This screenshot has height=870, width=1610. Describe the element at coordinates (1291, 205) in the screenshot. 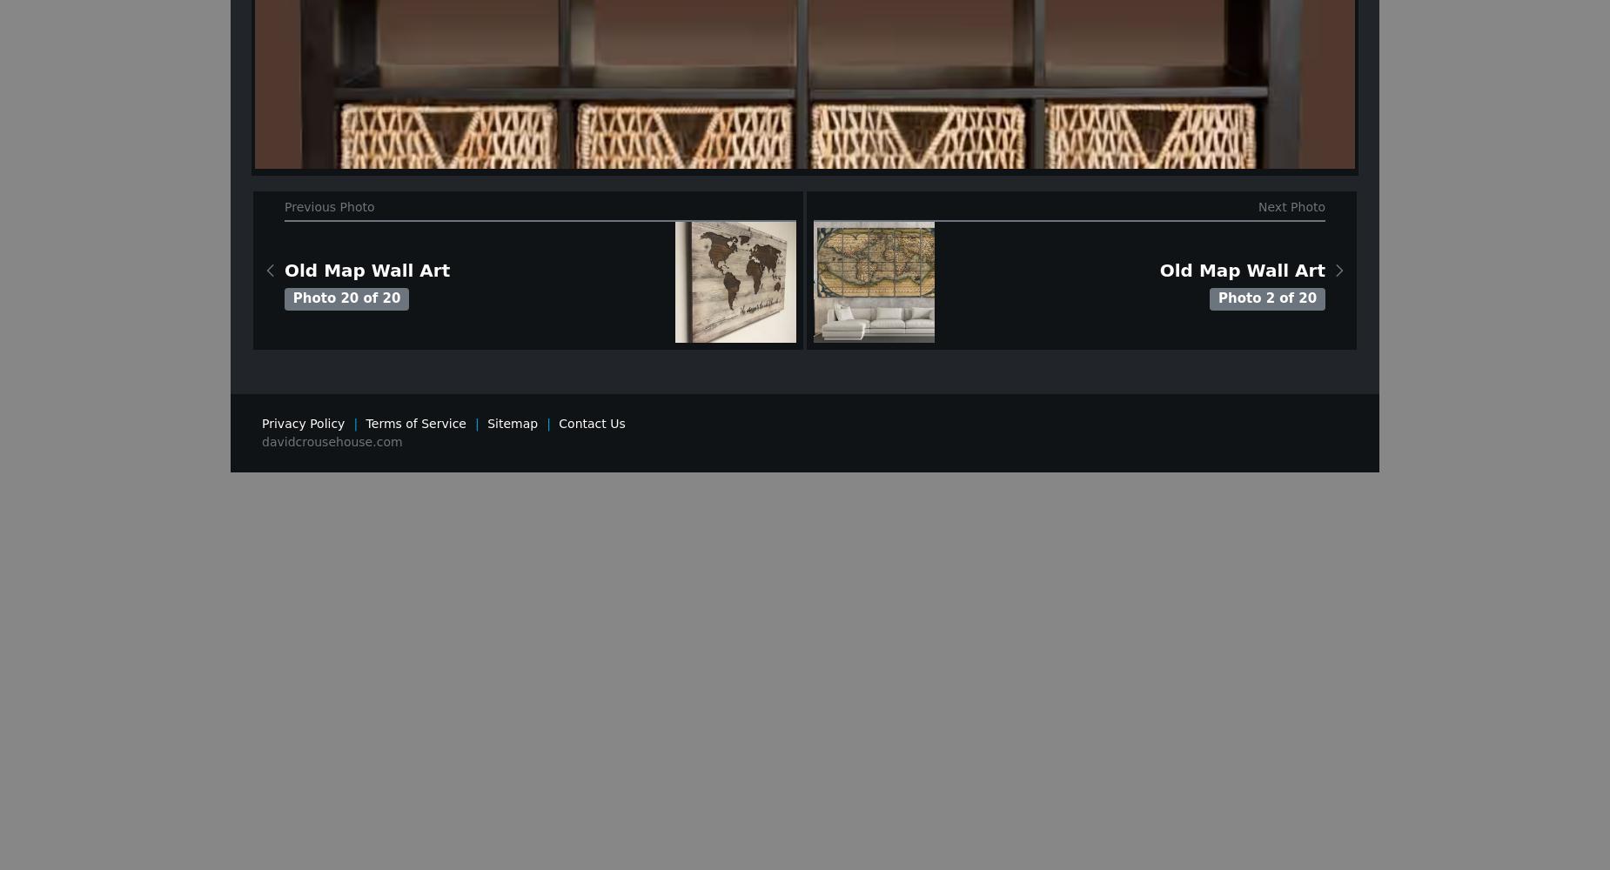

I see `'Next Photo'` at that location.